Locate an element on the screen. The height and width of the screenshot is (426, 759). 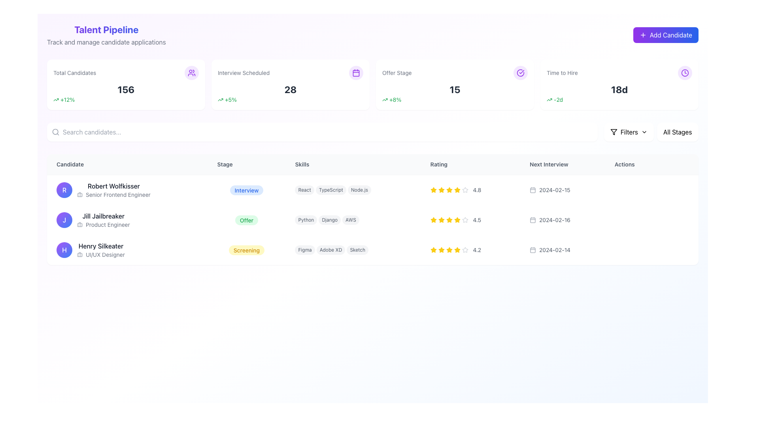
the 'Figma' label, which is a pill-shaped text label with rounded corners and a light gray background, located in the 'Skills' column for 'Henry Silkeater' is located at coordinates (304, 250).